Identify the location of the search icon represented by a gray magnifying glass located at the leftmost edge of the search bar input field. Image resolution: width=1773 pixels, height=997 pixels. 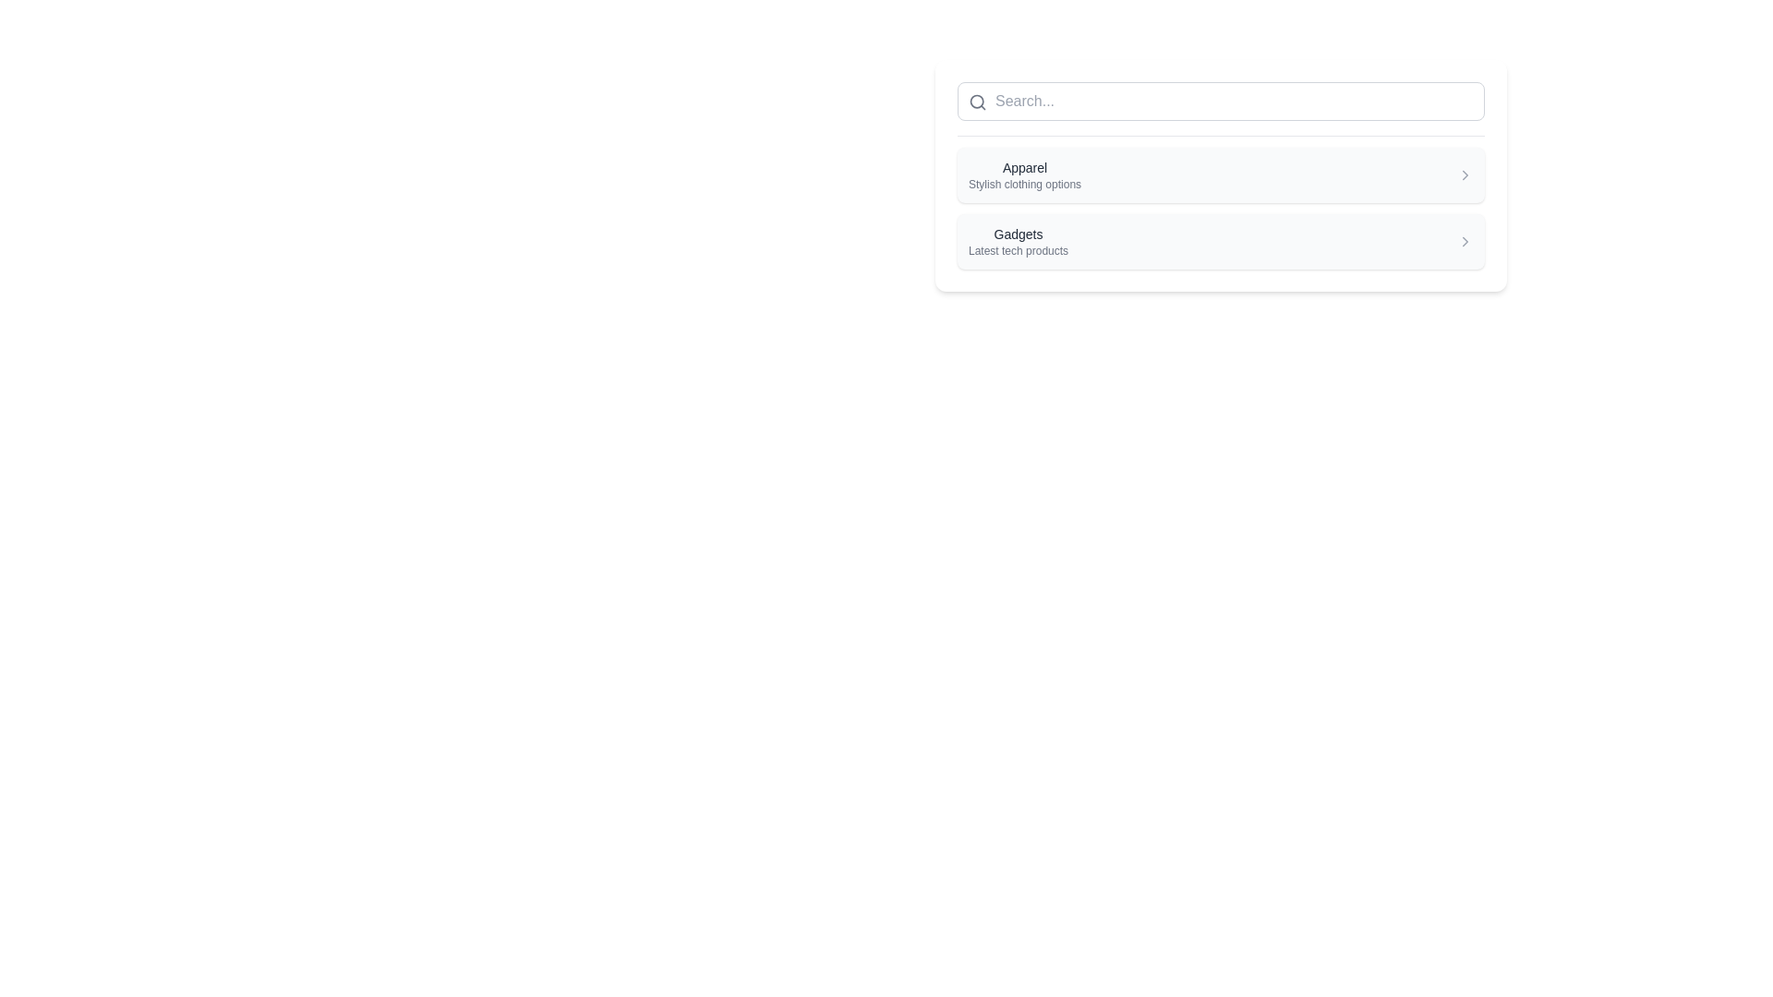
(977, 102).